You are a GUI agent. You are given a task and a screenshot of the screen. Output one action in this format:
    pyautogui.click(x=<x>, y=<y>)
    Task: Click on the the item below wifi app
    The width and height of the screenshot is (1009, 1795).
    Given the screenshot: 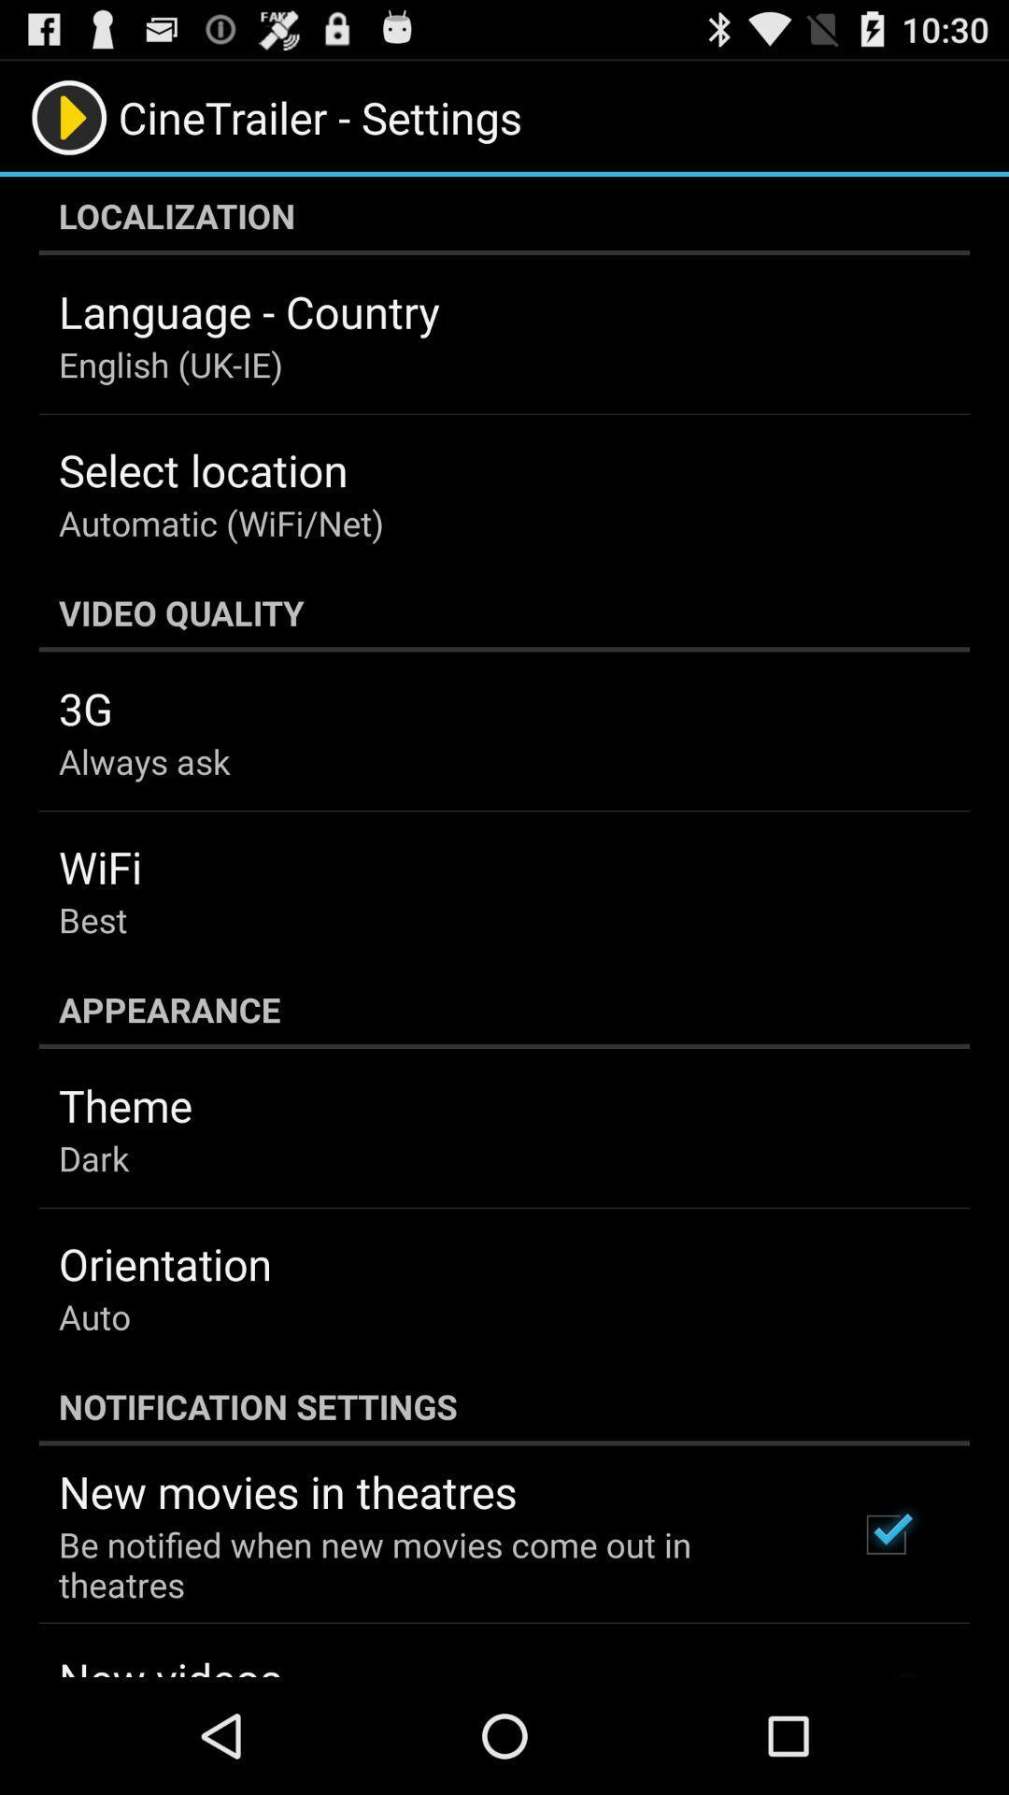 What is the action you would take?
    pyautogui.click(x=92, y=919)
    